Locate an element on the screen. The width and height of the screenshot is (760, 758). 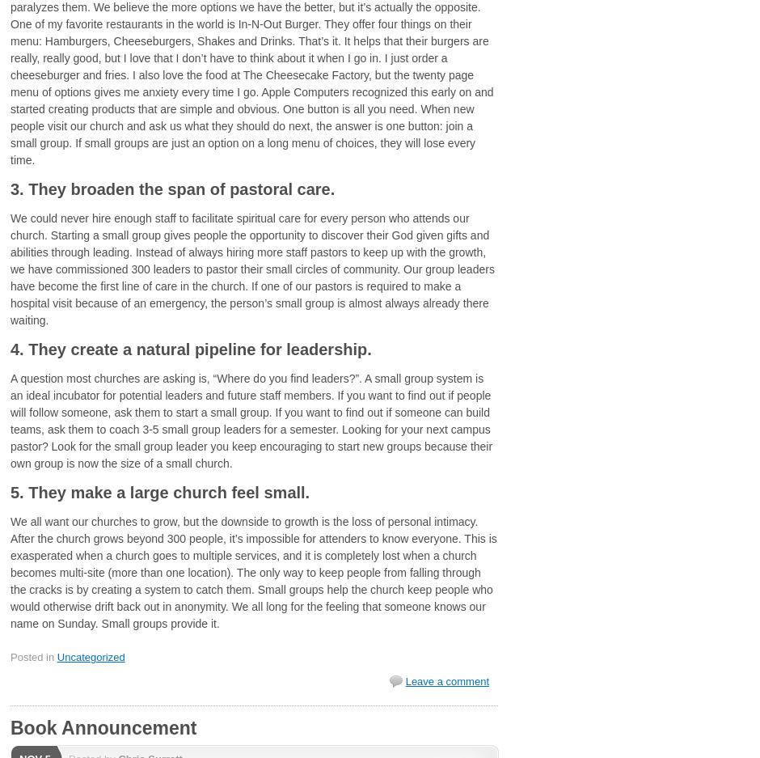
'A question most churches are asking is, “Where do you find leaders?”. A small group system is an ideal incubator for potential leaders and future staff members. If you want to find out if people will follow someone, ask them to start a small group. If you want to find out if someone can build teams, ask them to coach 3-5 small group leaders for a semester. Looking for your next campus pastor? Look for the small group leader you keep encouraging to start new groups because their own group is now the size of a small church.' is located at coordinates (251, 419).